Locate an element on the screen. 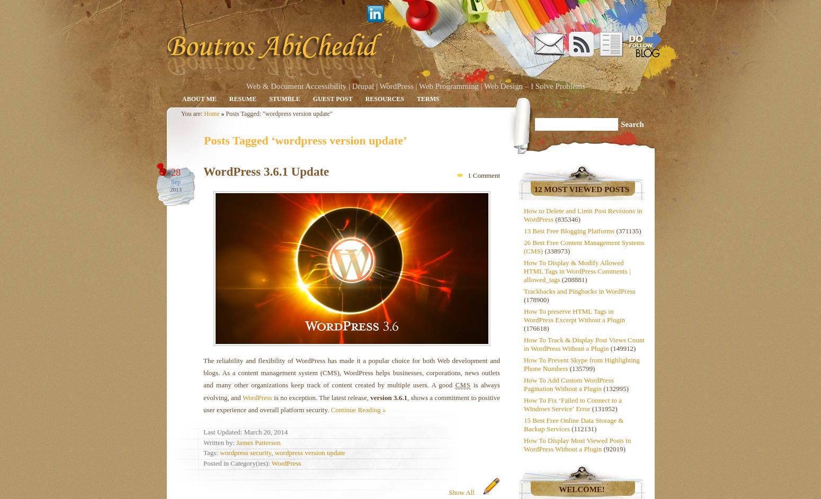 The image size is (821, 499). 'How To Display Most Viewed Posts in WordPress Without a Plugin' is located at coordinates (523, 444).